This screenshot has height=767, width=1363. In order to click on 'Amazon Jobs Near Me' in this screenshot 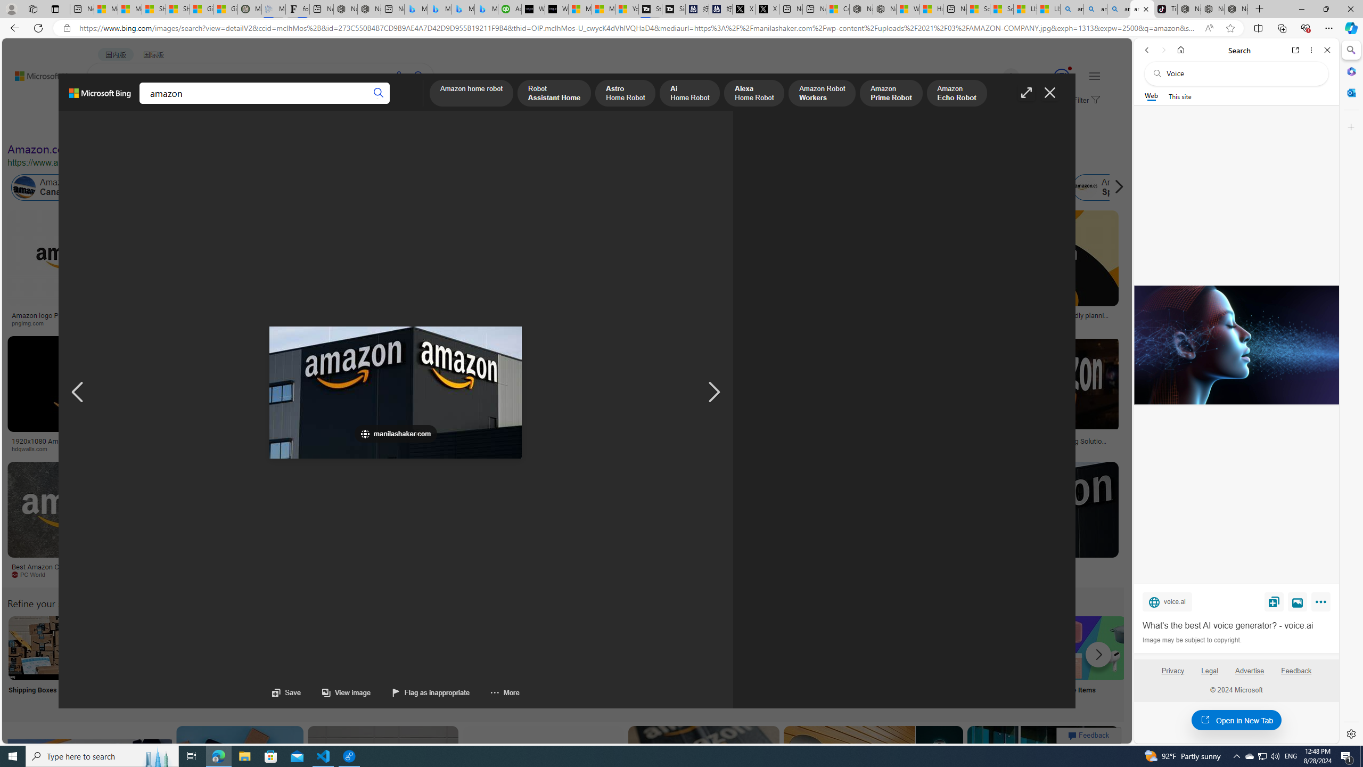, I will do `click(321, 647)`.